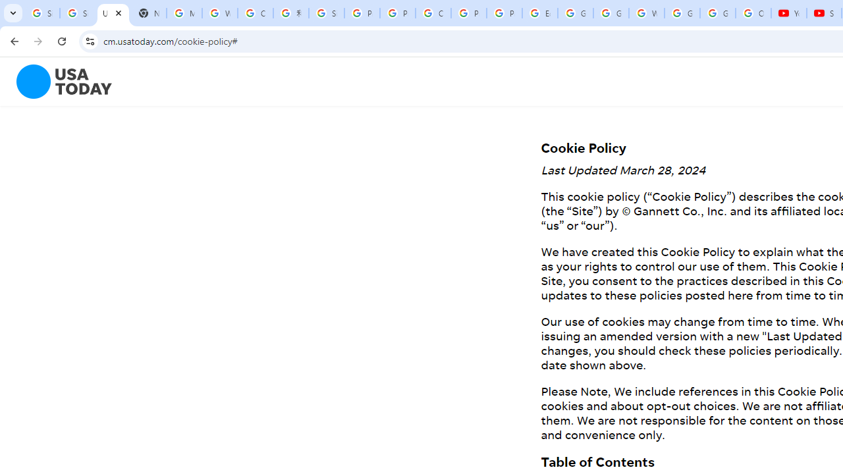 Image resolution: width=843 pixels, height=474 pixels. What do you see at coordinates (220, 13) in the screenshot?
I see `'Who is my administrator? - Google Account Help'` at bounding box center [220, 13].